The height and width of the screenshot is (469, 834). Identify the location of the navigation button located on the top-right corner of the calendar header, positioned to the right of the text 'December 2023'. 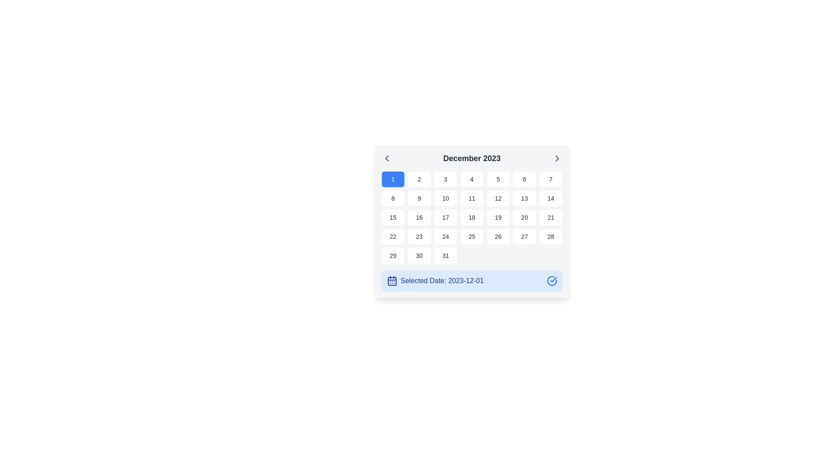
(557, 159).